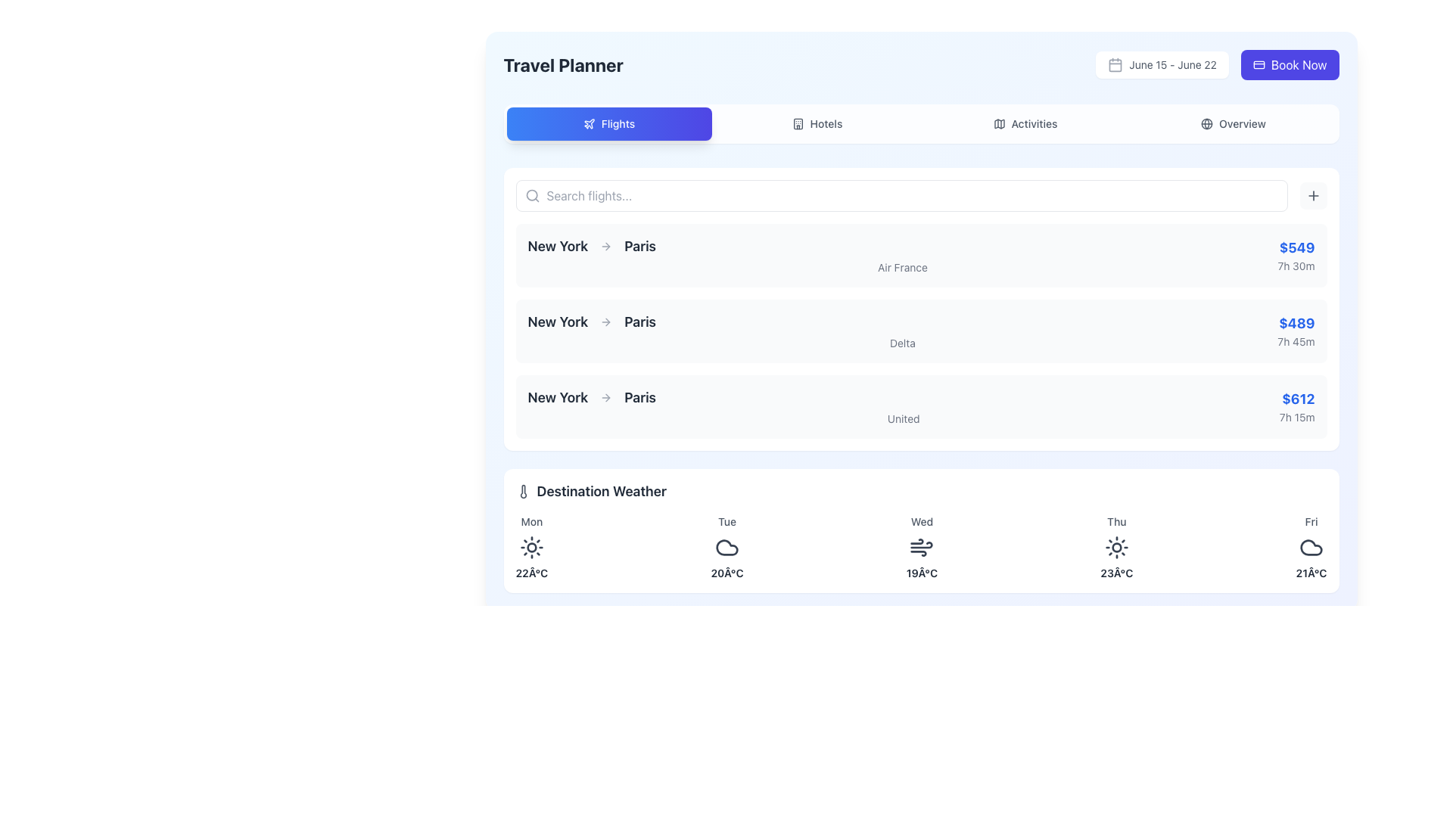 This screenshot has width=1453, height=817. What do you see at coordinates (920, 405) in the screenshot?
I see `the third flight option list item displaying departure from 'New York' to 'Paris', with airline 'United' and price '$612'` at bounding box center [920, 405].